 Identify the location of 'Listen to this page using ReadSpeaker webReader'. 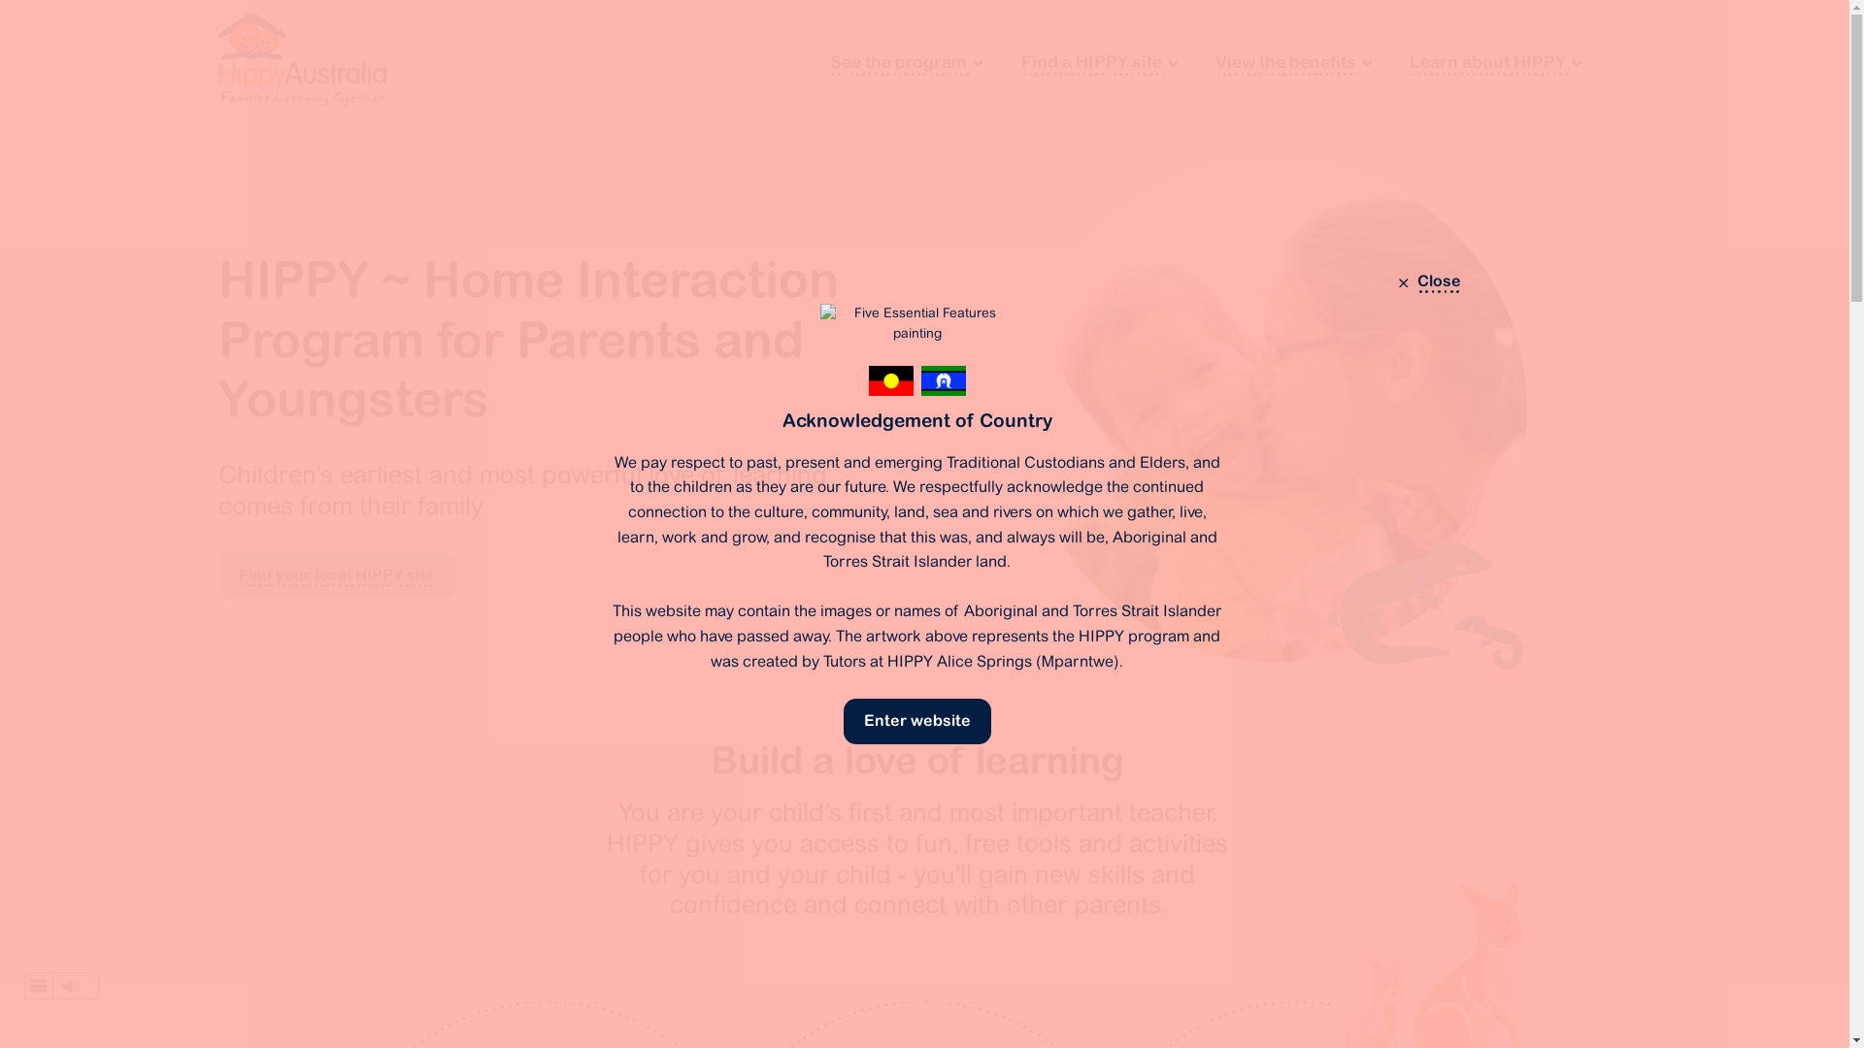
(61, 985).